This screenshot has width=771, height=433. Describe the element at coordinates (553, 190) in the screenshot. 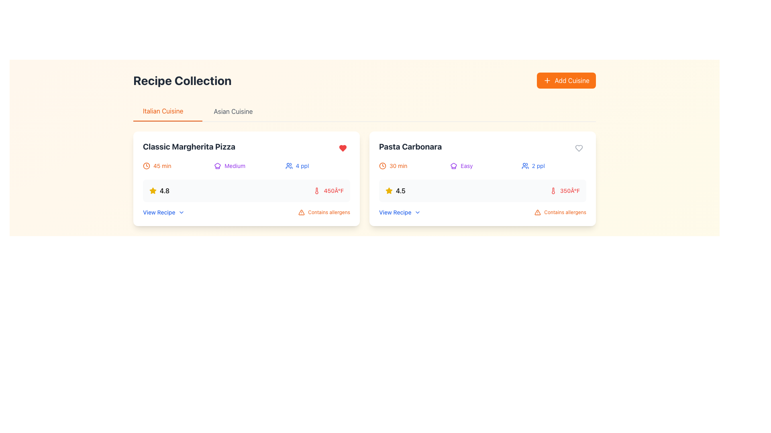

I see `the thermometer icon located within the 'Pasta Carbonara' card, positioned directly to the left of the numeric temperature value '350°F'` at that location.